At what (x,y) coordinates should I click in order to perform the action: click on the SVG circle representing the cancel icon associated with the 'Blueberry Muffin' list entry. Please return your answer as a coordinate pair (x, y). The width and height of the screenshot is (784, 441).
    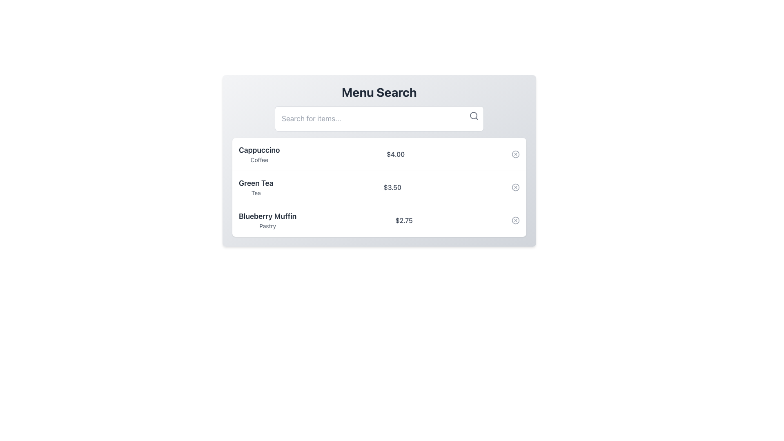
    Looking at the image, I should click on (515, 220).